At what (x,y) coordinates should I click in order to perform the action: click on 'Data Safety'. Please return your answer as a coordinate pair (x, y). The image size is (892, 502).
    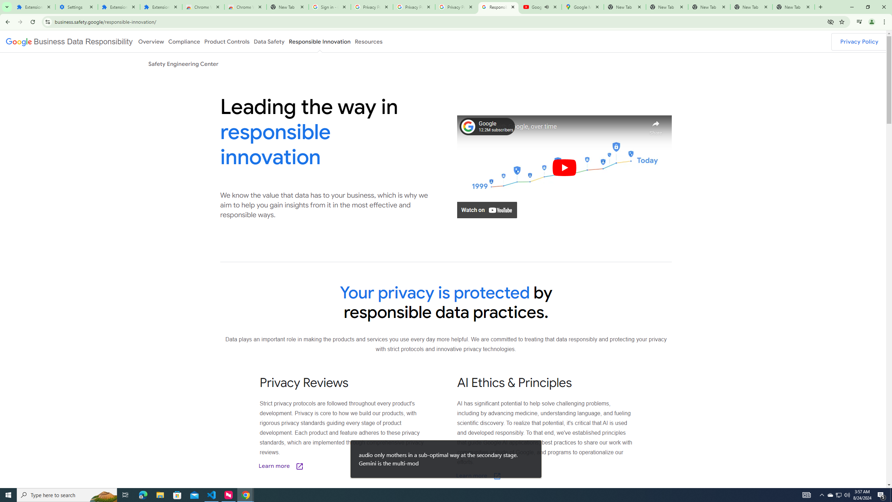
    Looking at the image, I should click on (268, 41).